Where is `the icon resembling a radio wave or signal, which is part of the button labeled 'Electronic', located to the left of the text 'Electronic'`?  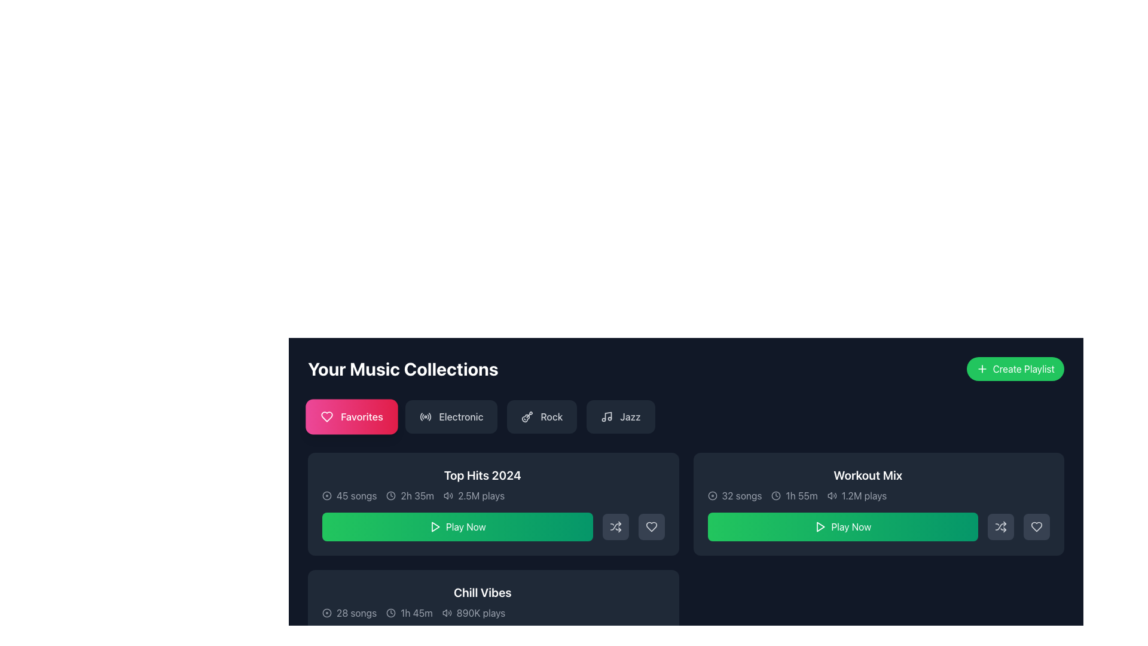 the icon resembling a radio wave or signal, which is part of the button labeled 'Electronic', located to the left of the text 'Electronic' is located at coordinates (426, 416).